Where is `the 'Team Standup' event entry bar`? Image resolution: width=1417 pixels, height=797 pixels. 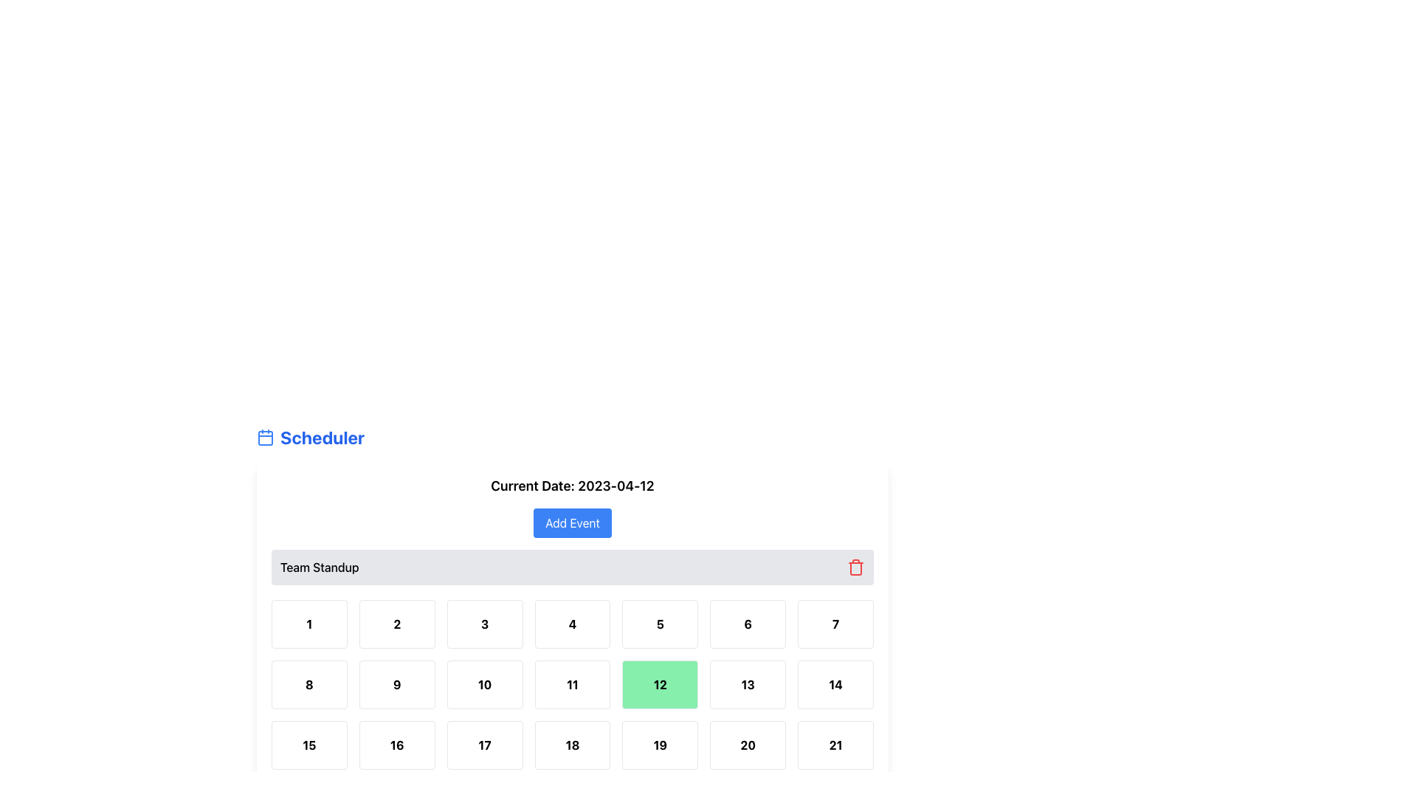 the 'Team Standup' event entry bar is located at coordinates (572, 566).